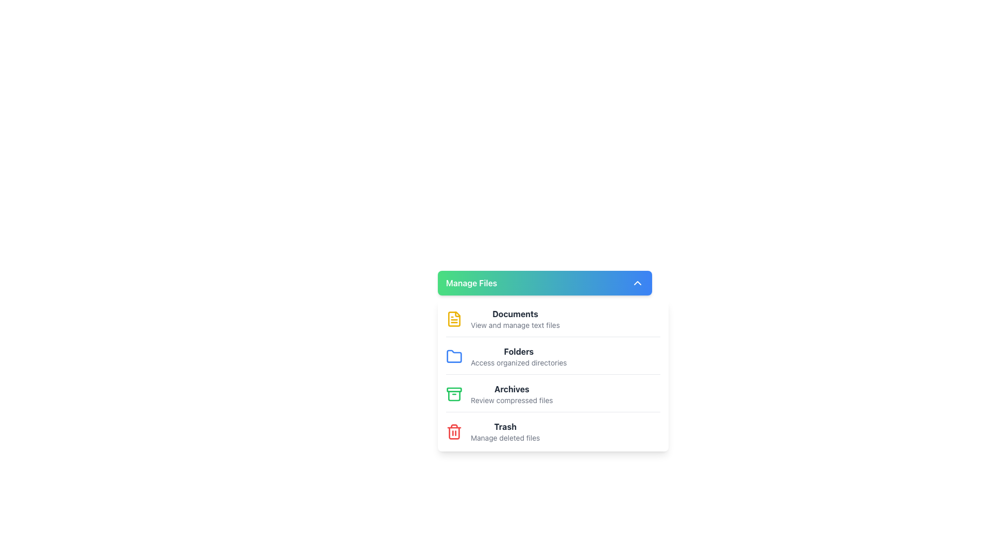  I want to click on the yellow document icon with a folded top-right corner located in the 'Documents' section, so click(454, 319).